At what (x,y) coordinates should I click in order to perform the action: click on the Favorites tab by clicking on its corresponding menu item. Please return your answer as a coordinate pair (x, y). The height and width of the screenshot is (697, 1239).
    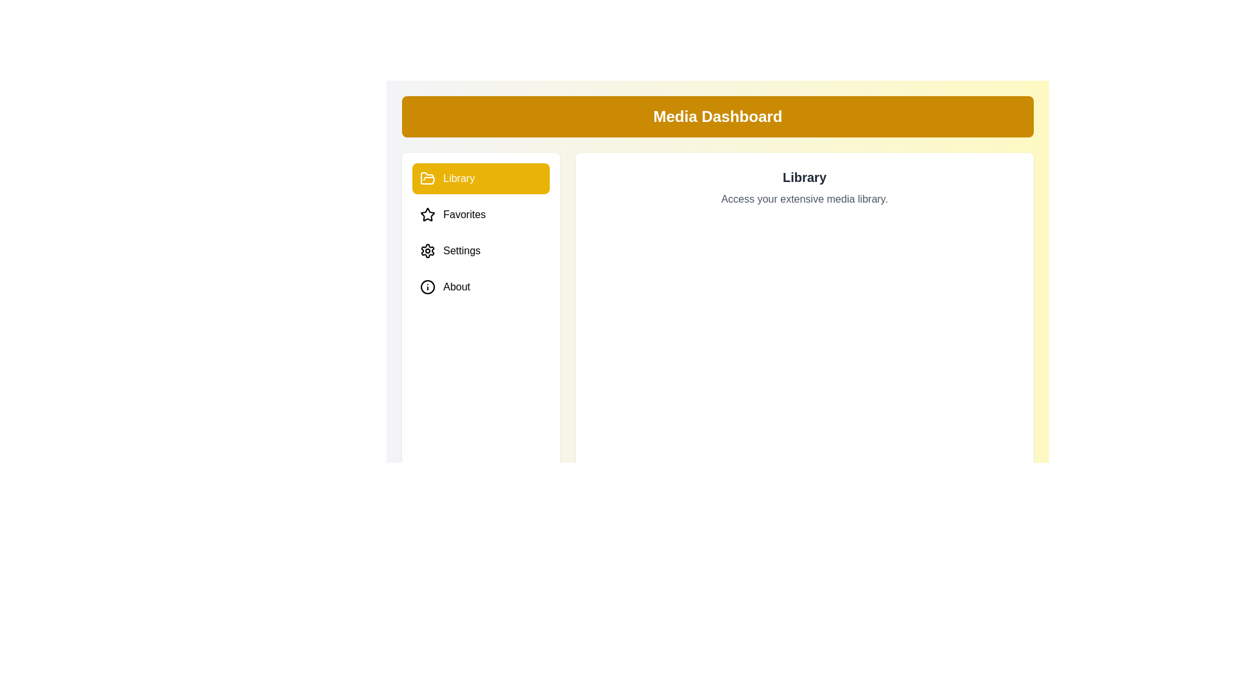
    Looking at the image, I should click on (480, 214).